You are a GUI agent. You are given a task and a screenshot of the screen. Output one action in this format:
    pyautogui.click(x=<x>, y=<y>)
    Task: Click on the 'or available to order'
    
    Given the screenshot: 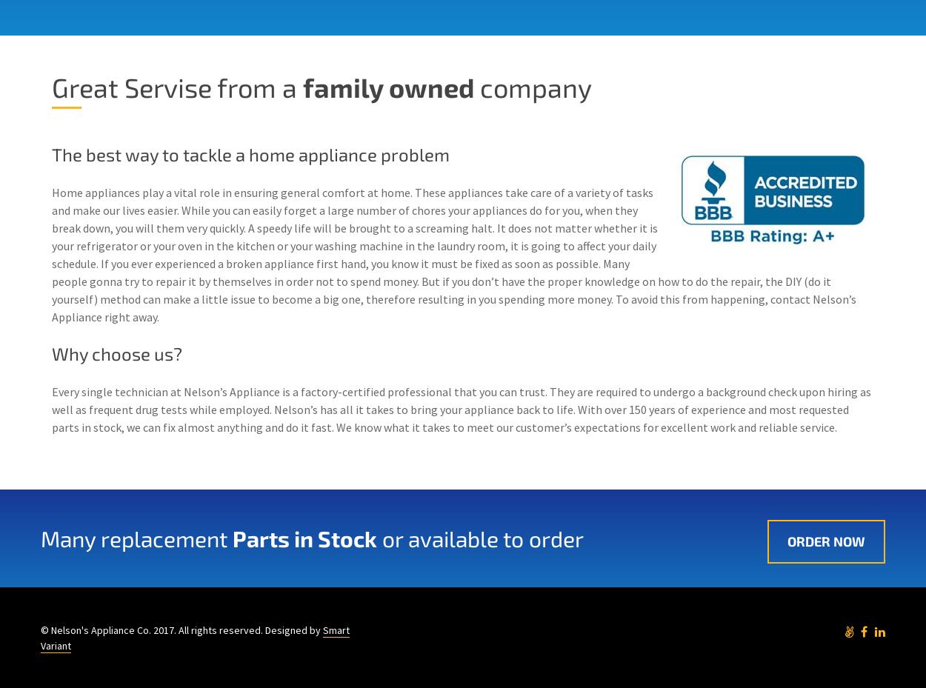 What is the action you would take?
    pyautogui.click(x=480, y=538)
    